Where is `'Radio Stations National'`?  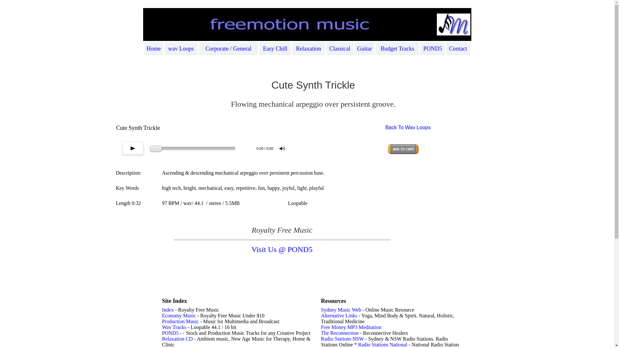
'Radio Stations National' is located at coordinates (383, 344).